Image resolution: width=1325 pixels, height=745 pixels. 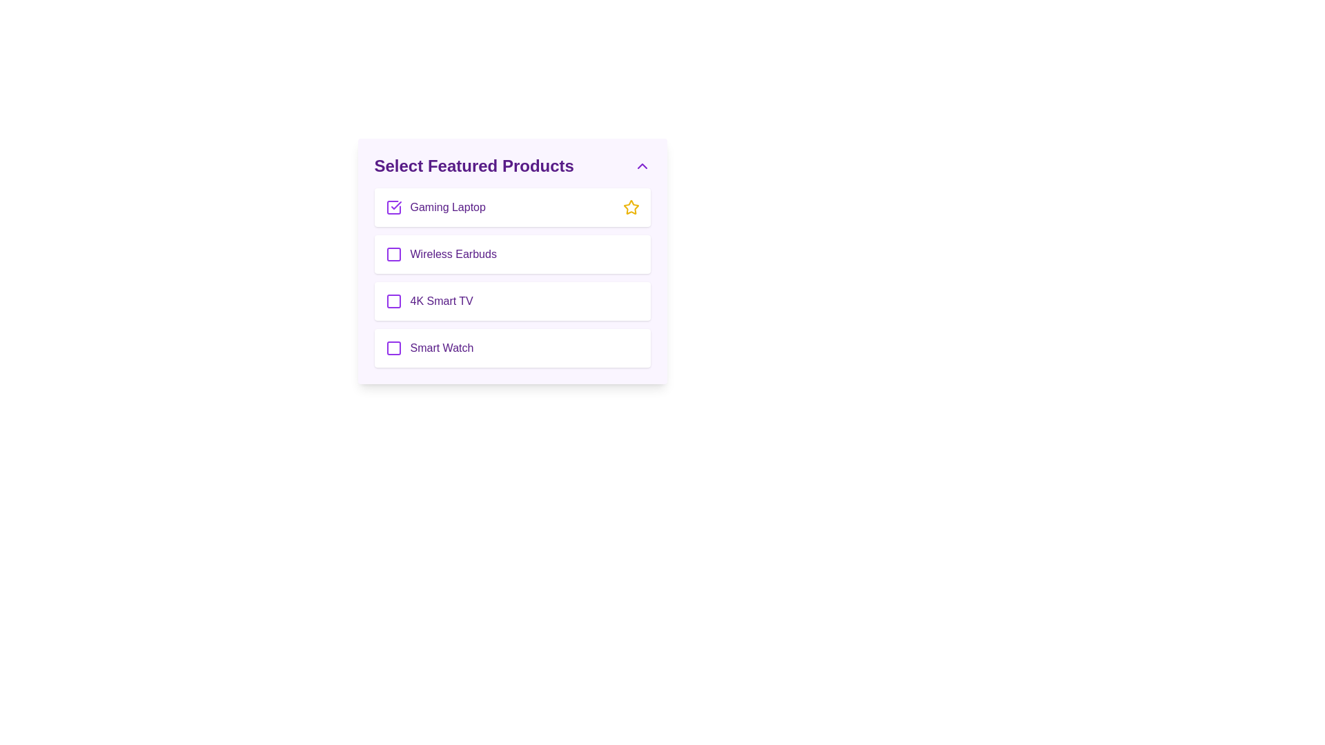 I want to click on text label displaying 'Wireless Earbuds' which is styled in purple, located within a white background card, positioned in the middle of the second card in a vertical list of items, so click(x=453, y=255).